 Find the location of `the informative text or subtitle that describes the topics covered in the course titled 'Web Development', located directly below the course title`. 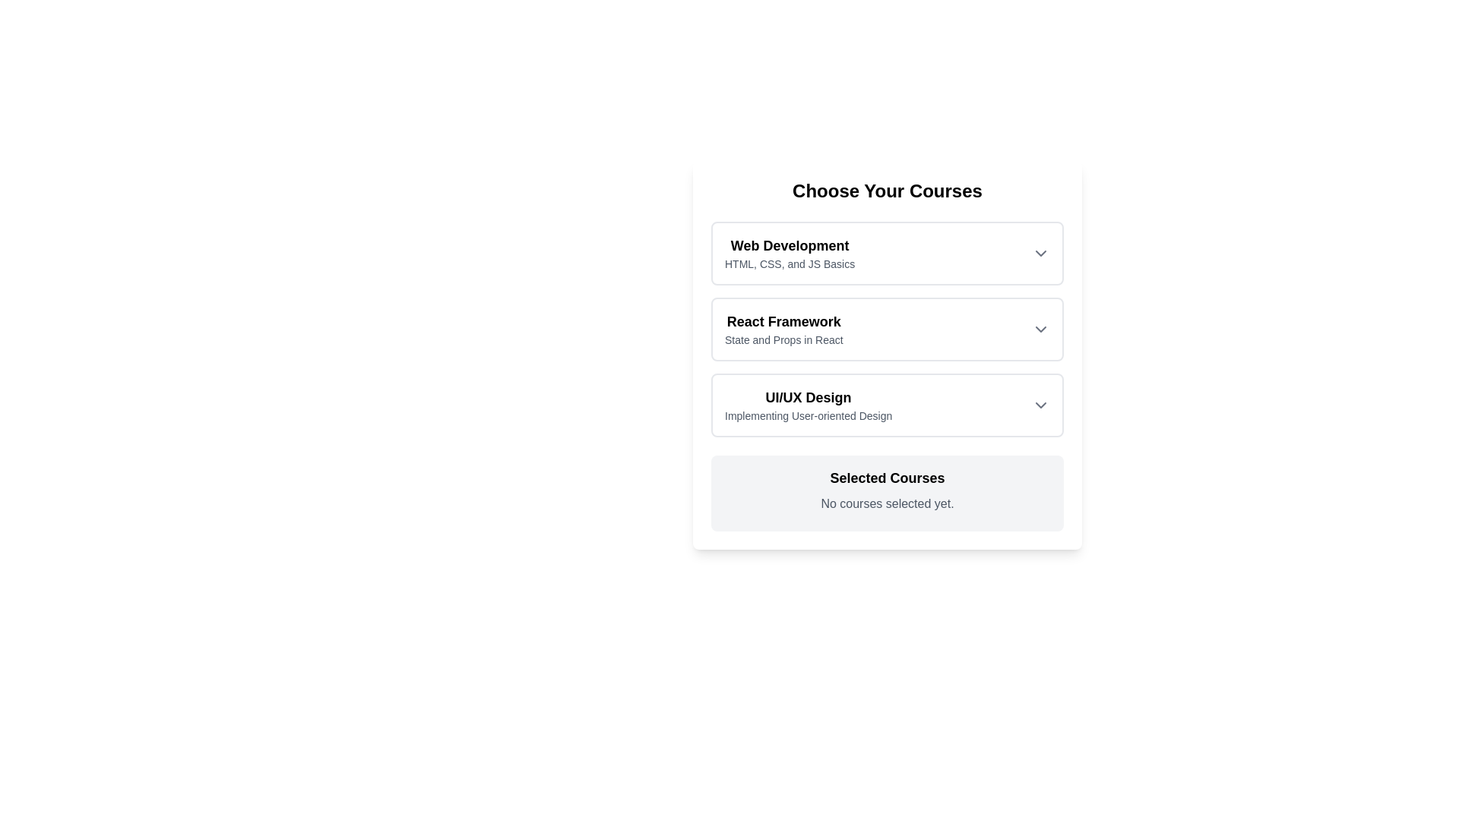

the informative text or subtitle that describes the topics covered in the course titled 'Web Development', located directly below the course title is located at coordinates (790, 263).